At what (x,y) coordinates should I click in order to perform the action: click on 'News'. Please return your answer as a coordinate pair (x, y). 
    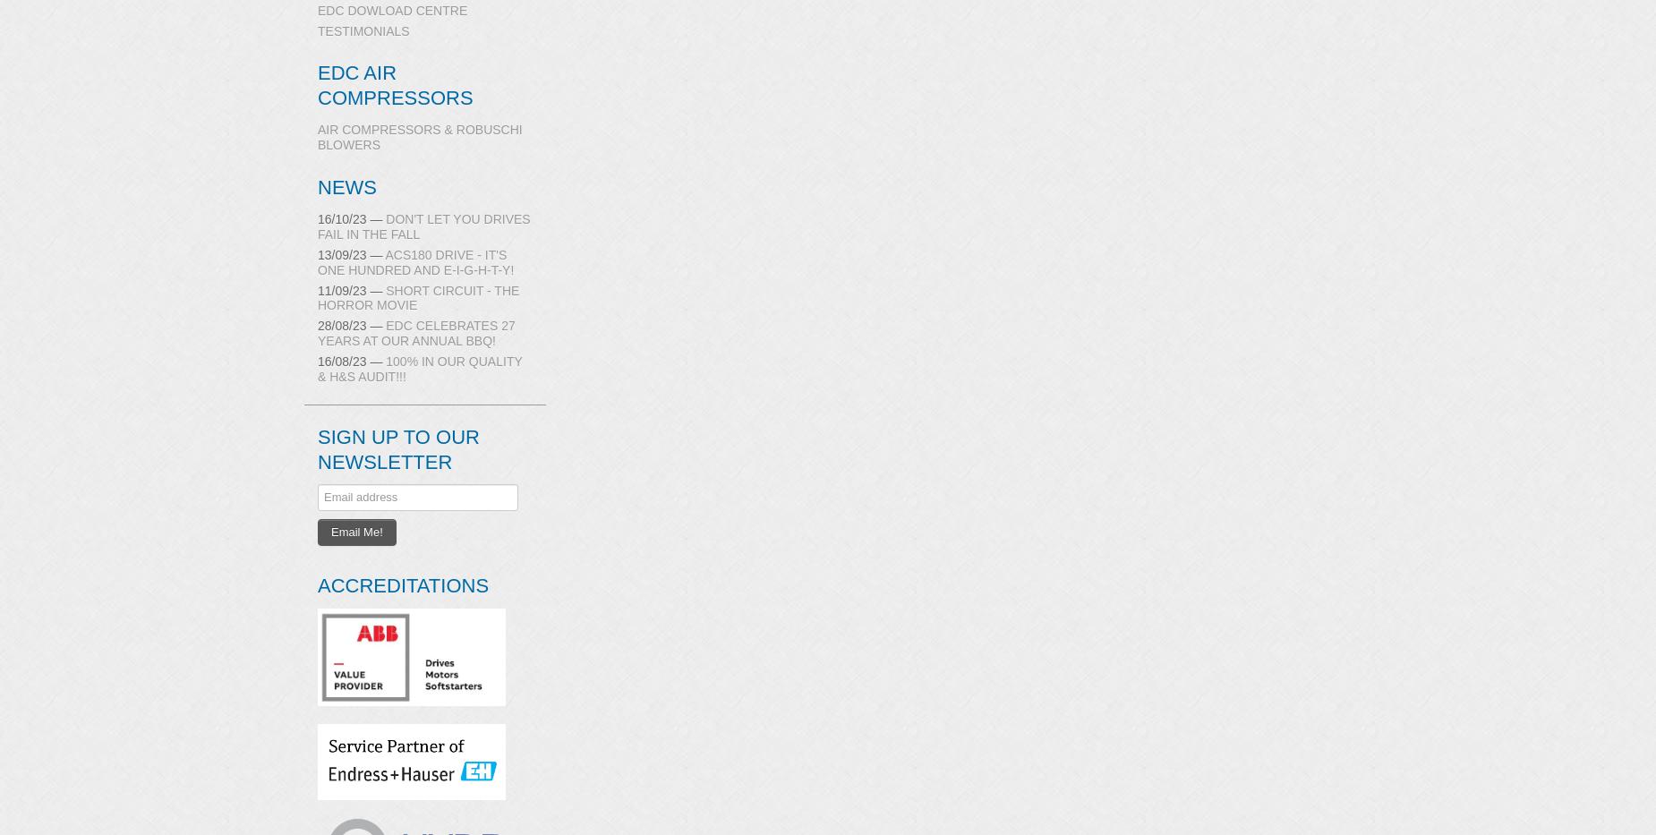
    Looking at the image, I should click on (346, 185).